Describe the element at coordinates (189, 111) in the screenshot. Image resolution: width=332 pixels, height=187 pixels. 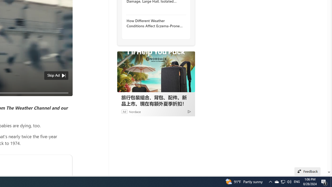
I see `'Ad Choice'` at that location.